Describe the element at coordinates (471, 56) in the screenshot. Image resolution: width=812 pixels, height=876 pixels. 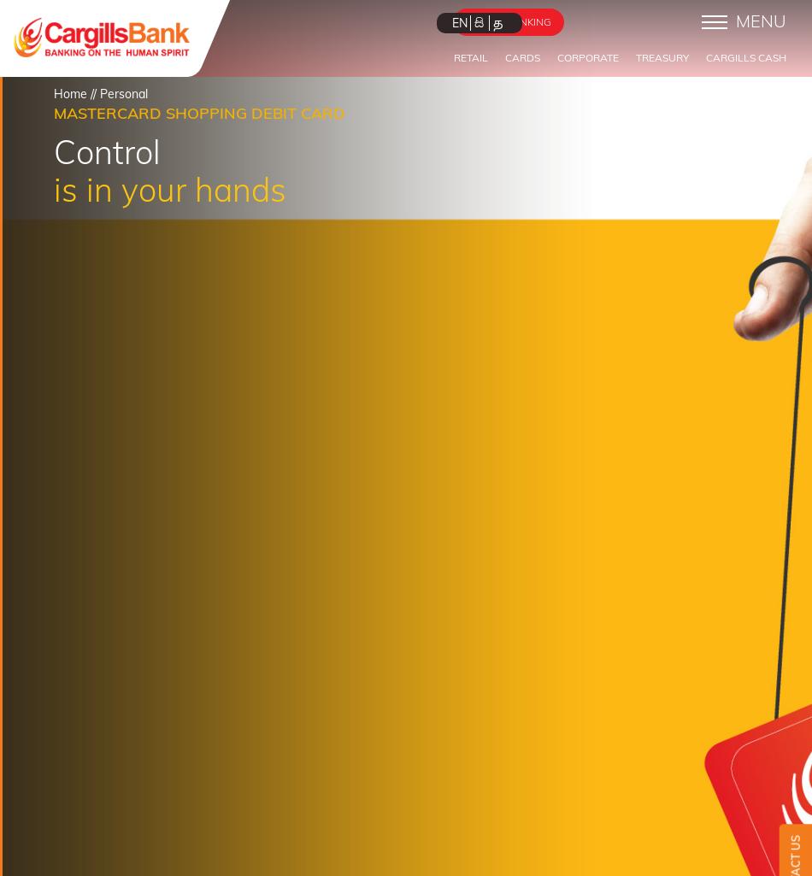
I see `'RETAIL'` at that location.